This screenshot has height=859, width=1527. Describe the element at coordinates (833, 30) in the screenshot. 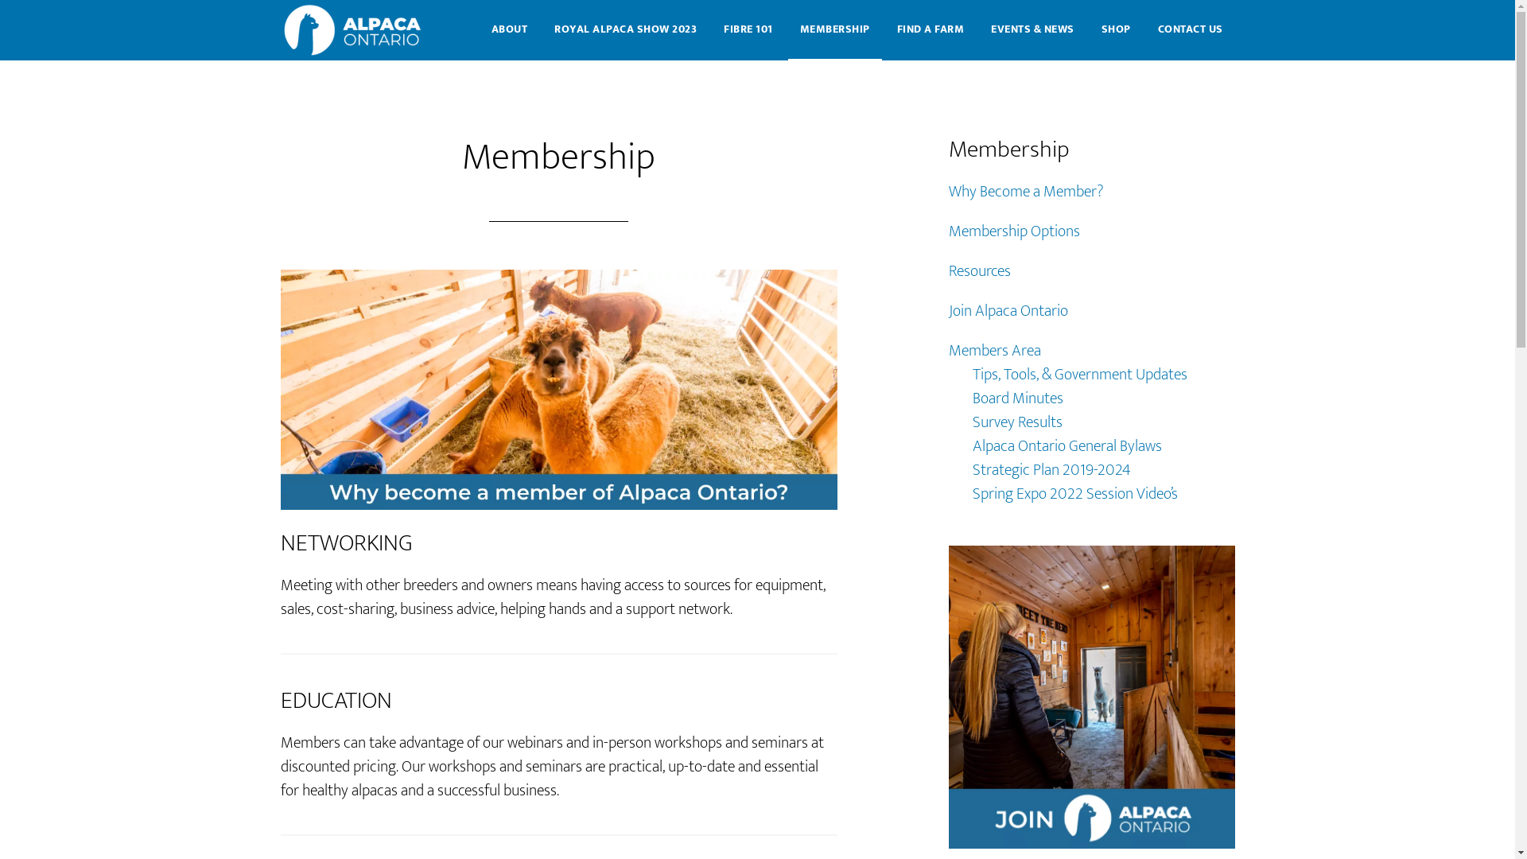

I see `'MEMBERSHIP'` at that location.